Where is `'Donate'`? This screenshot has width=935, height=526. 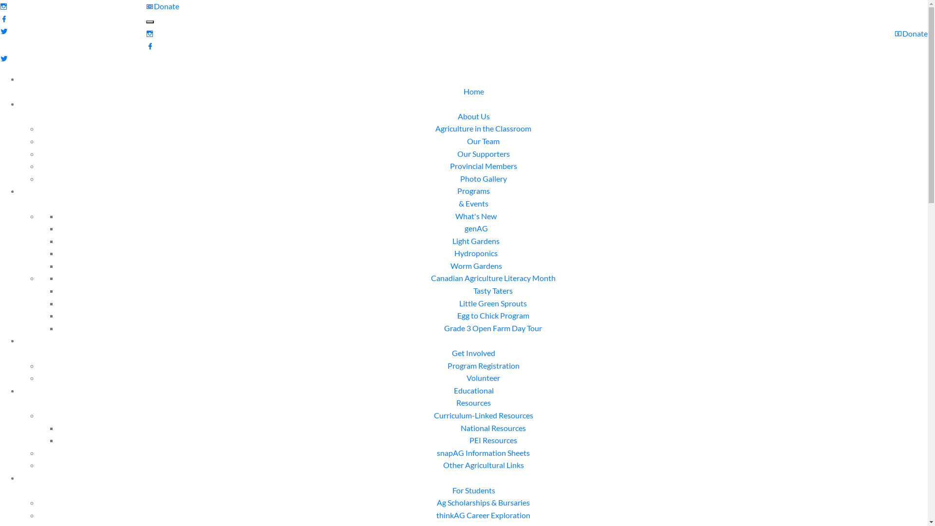
'Donate' is located at coordinates (895, 33).